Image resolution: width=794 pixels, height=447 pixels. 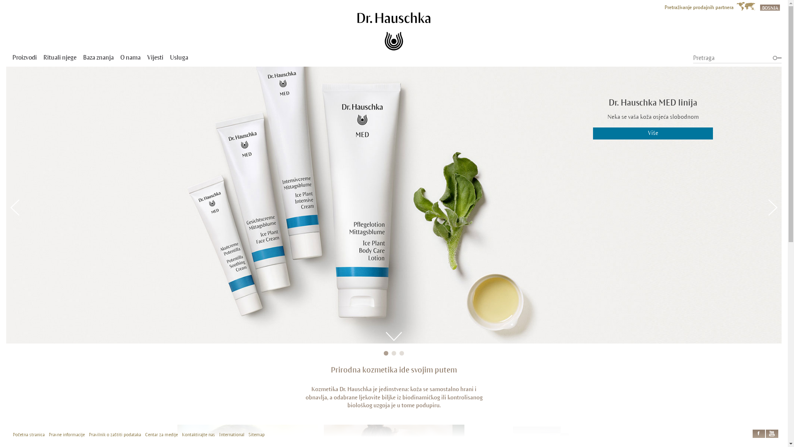 What do you see at coordinates (83, 57) in the screenshot?
I see `'Baza znanja'` at bounding box center [83, 57].